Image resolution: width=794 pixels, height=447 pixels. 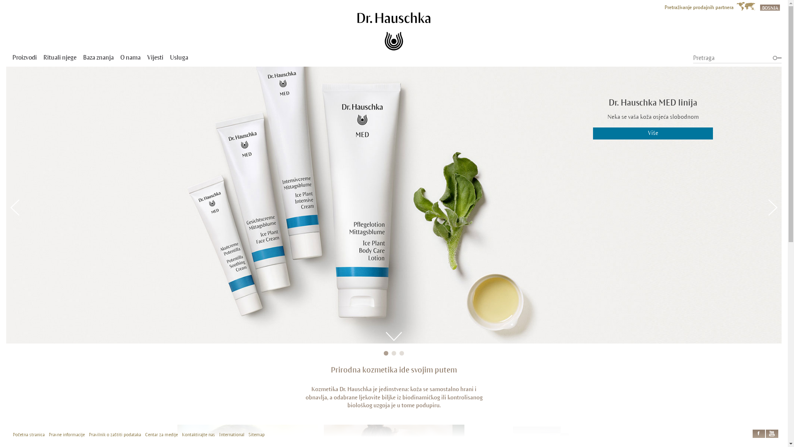 What do you see at coordinates (83, 57) in the screenshot?
I see `'Baza znanja'` at bounding box center [83, 57].